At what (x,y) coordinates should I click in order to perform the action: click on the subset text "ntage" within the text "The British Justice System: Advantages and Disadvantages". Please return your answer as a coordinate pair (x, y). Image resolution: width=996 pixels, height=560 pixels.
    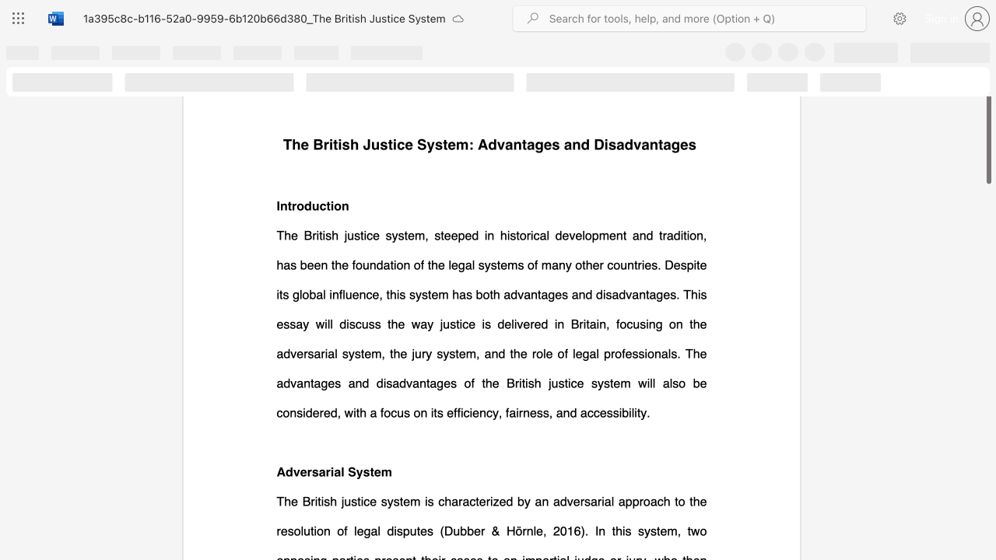
    Looking at the image, I should click on (649, 144).